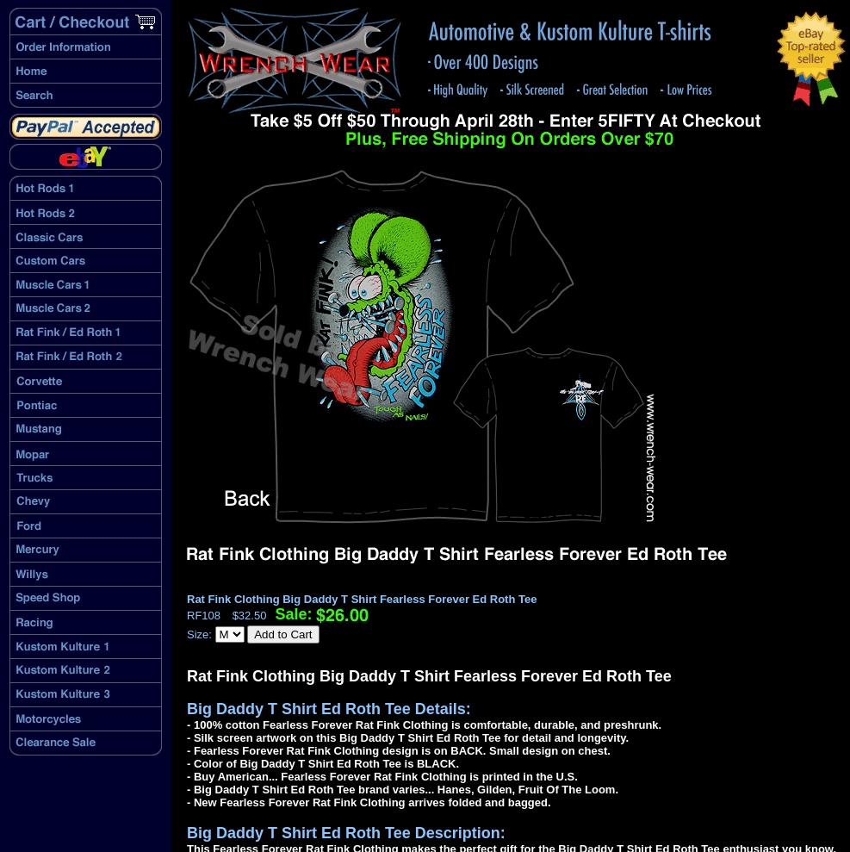 The height and width of the screenshot is (852, 850). Describe the element at coordinates (397, 750) in the screenshot. I see `'- Fearless Forever Rat Fink Clothing design is on BACK. Small design on chest.'` at that location.